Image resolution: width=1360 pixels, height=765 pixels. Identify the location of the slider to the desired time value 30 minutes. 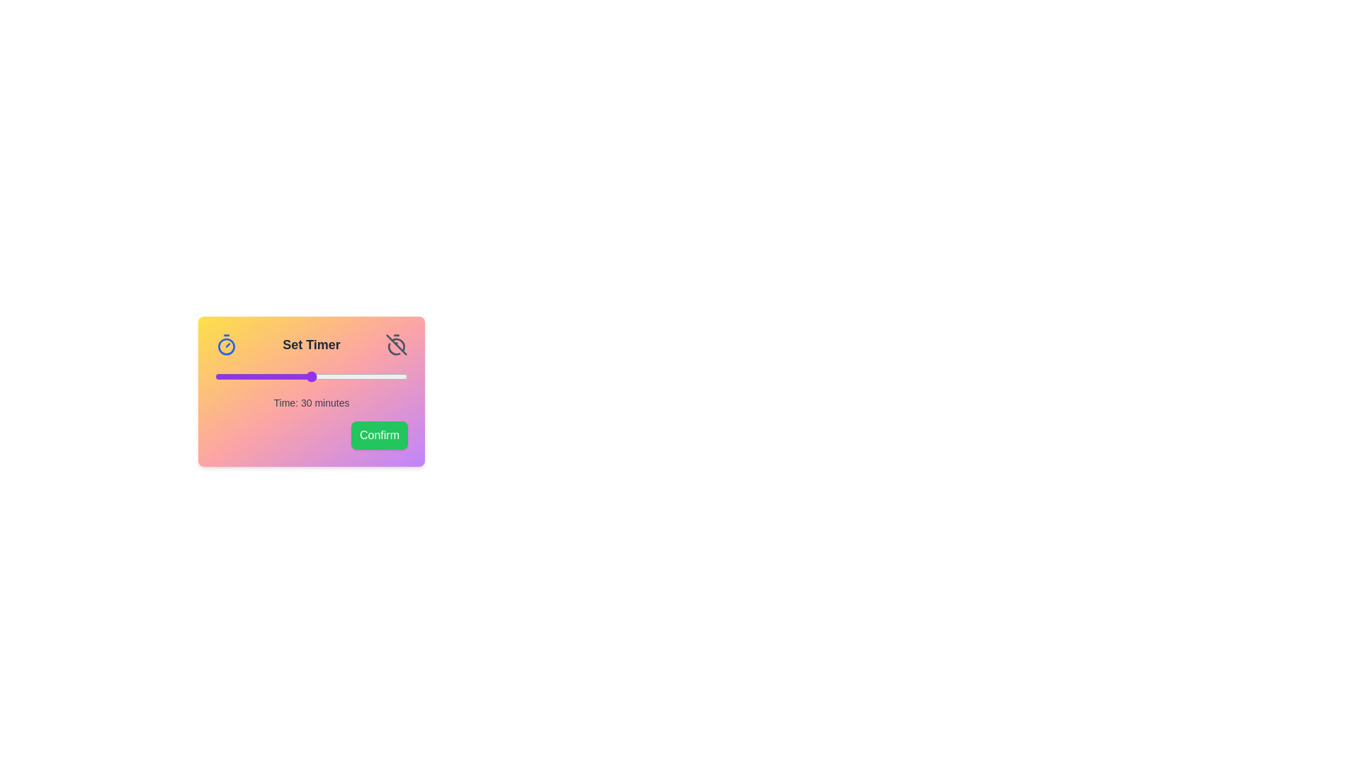
(311, 376).